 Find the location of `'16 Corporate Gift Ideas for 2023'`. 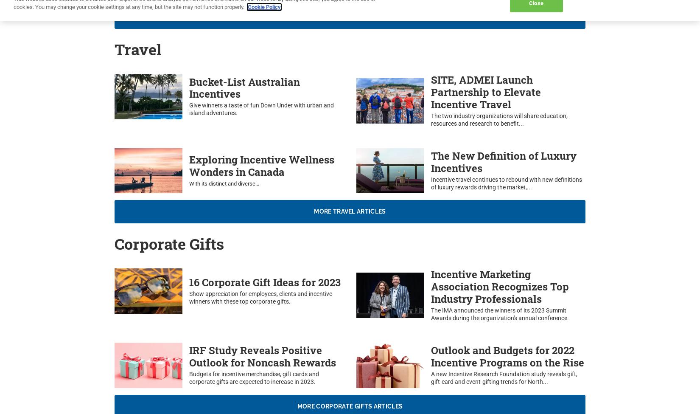

'16 Corporate Gift Ideas for 2023' is located at coordinates (264, 282).